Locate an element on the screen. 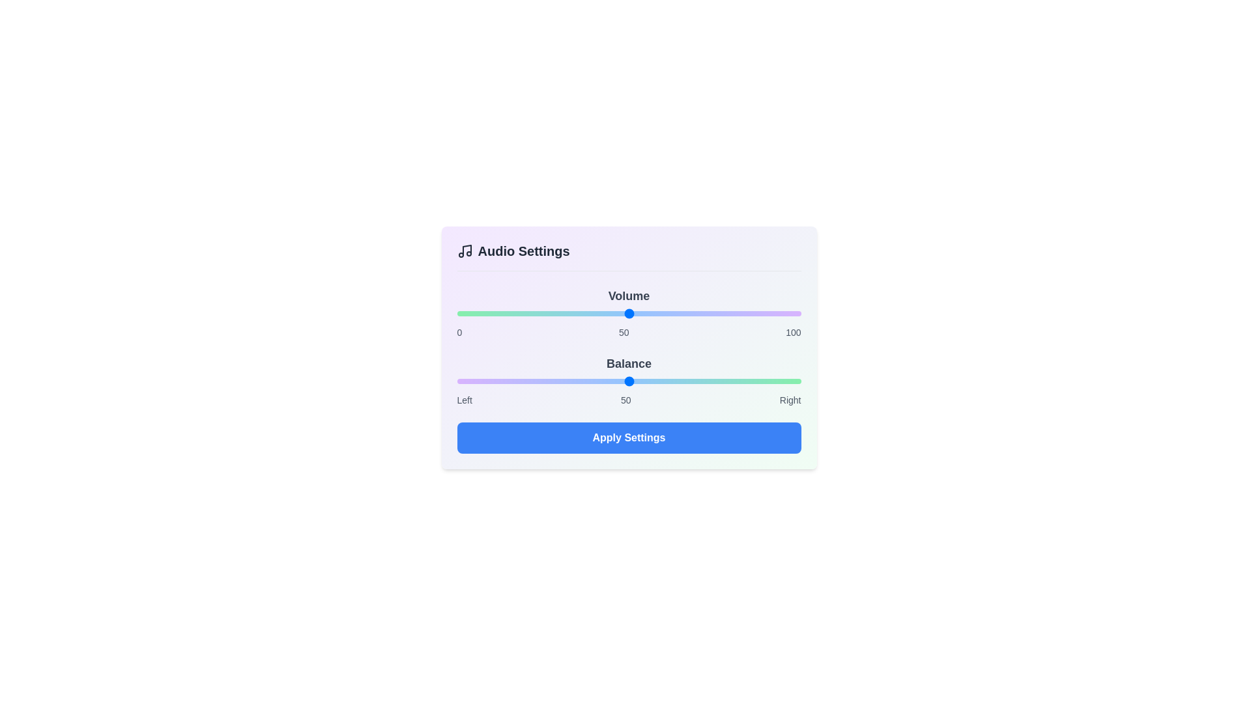 The width and height of the screenshot is (1251, 703). the volume level is located at coordinates (611, 314).